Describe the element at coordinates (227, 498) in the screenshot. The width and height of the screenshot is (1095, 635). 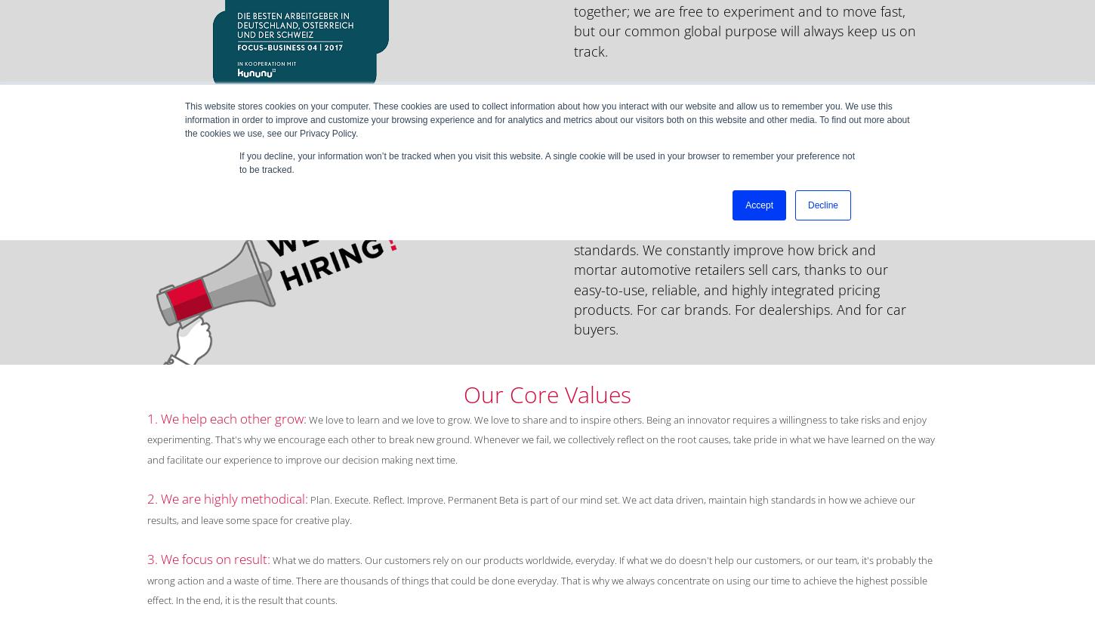
I see `'2. We are highly methodical:'` at that location.